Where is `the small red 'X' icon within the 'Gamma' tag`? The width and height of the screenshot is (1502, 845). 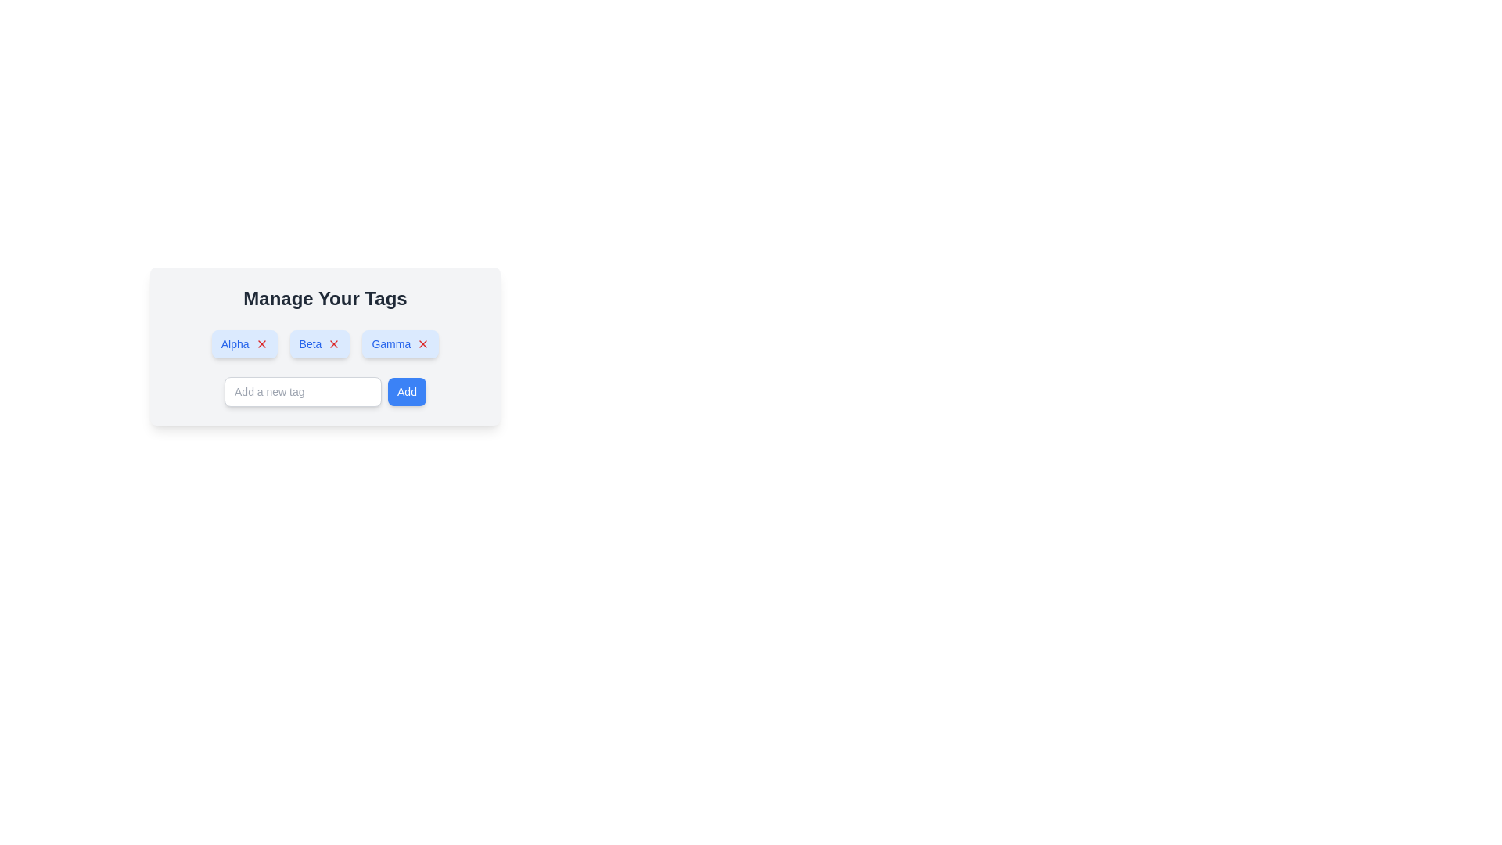
the small red 'X' icon within the 'Gamma' tag is located at coordinates (423, 343).